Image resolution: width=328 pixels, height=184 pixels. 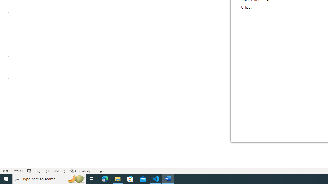 What do you see at coordinates (105, 178) in the screenshot?
I see `'Microsoft Edge'` at bounding box center [105, 178].